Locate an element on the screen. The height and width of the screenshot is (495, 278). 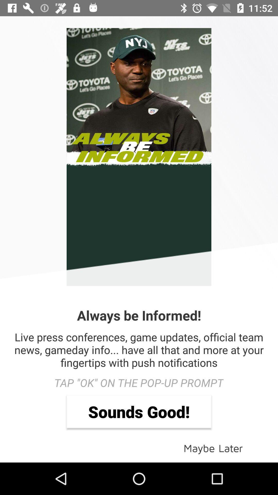
the maybe later icon is located at coordinates (213, 448).